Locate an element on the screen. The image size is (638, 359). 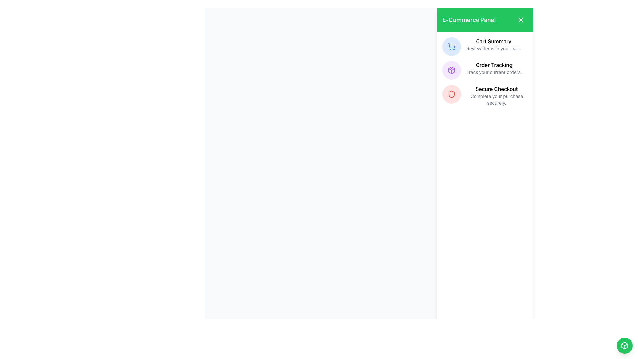
the informational component that provides order tracking information, positioned between the 'Cart Summary' and 'Secure Checkout' components in the right-side green-panel layout is located at coordinates (485, 70).